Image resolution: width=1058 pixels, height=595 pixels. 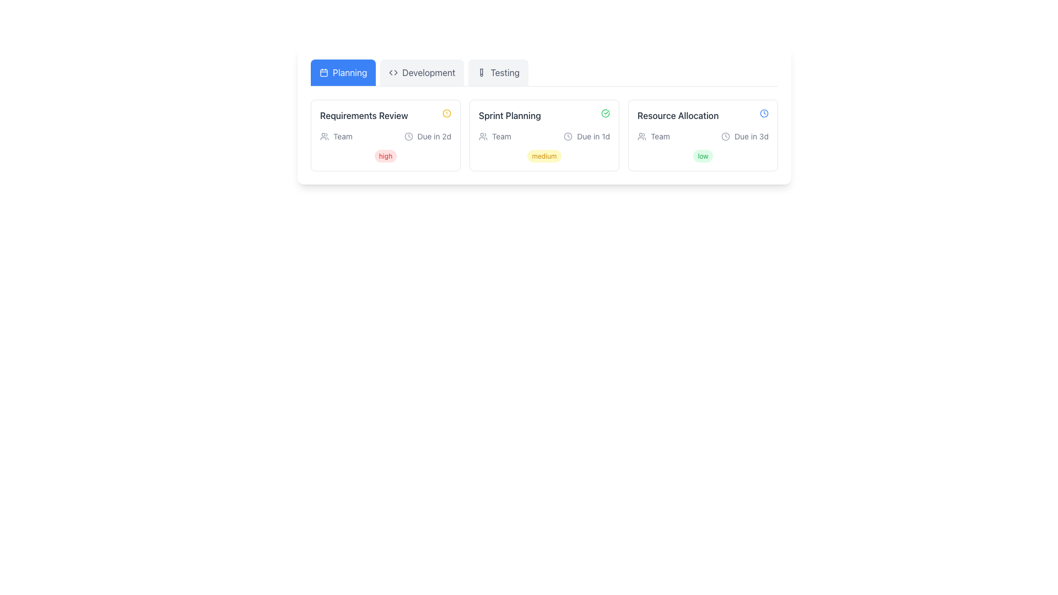 I want to click on the small calendar icon with a blue background and white strokes, located in the 'Planning' tab at the top-left section of the UI, so click(x=323, y=72).